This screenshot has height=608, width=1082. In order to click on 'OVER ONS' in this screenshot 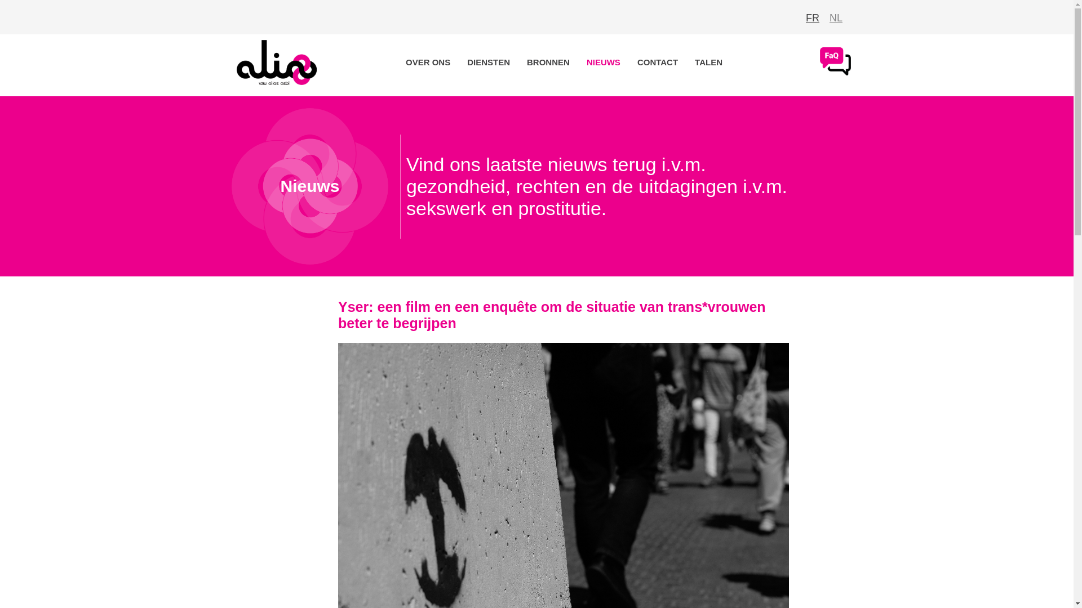, I will do `click(427, 62)`.